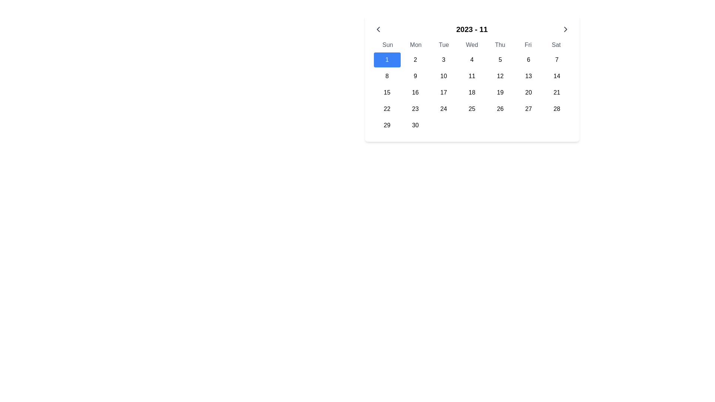 This screenshot has height=402, width=715. I want to click on the selectable date button in the calendar UI located at the second row and first column to change its background color, so click(387, 76).